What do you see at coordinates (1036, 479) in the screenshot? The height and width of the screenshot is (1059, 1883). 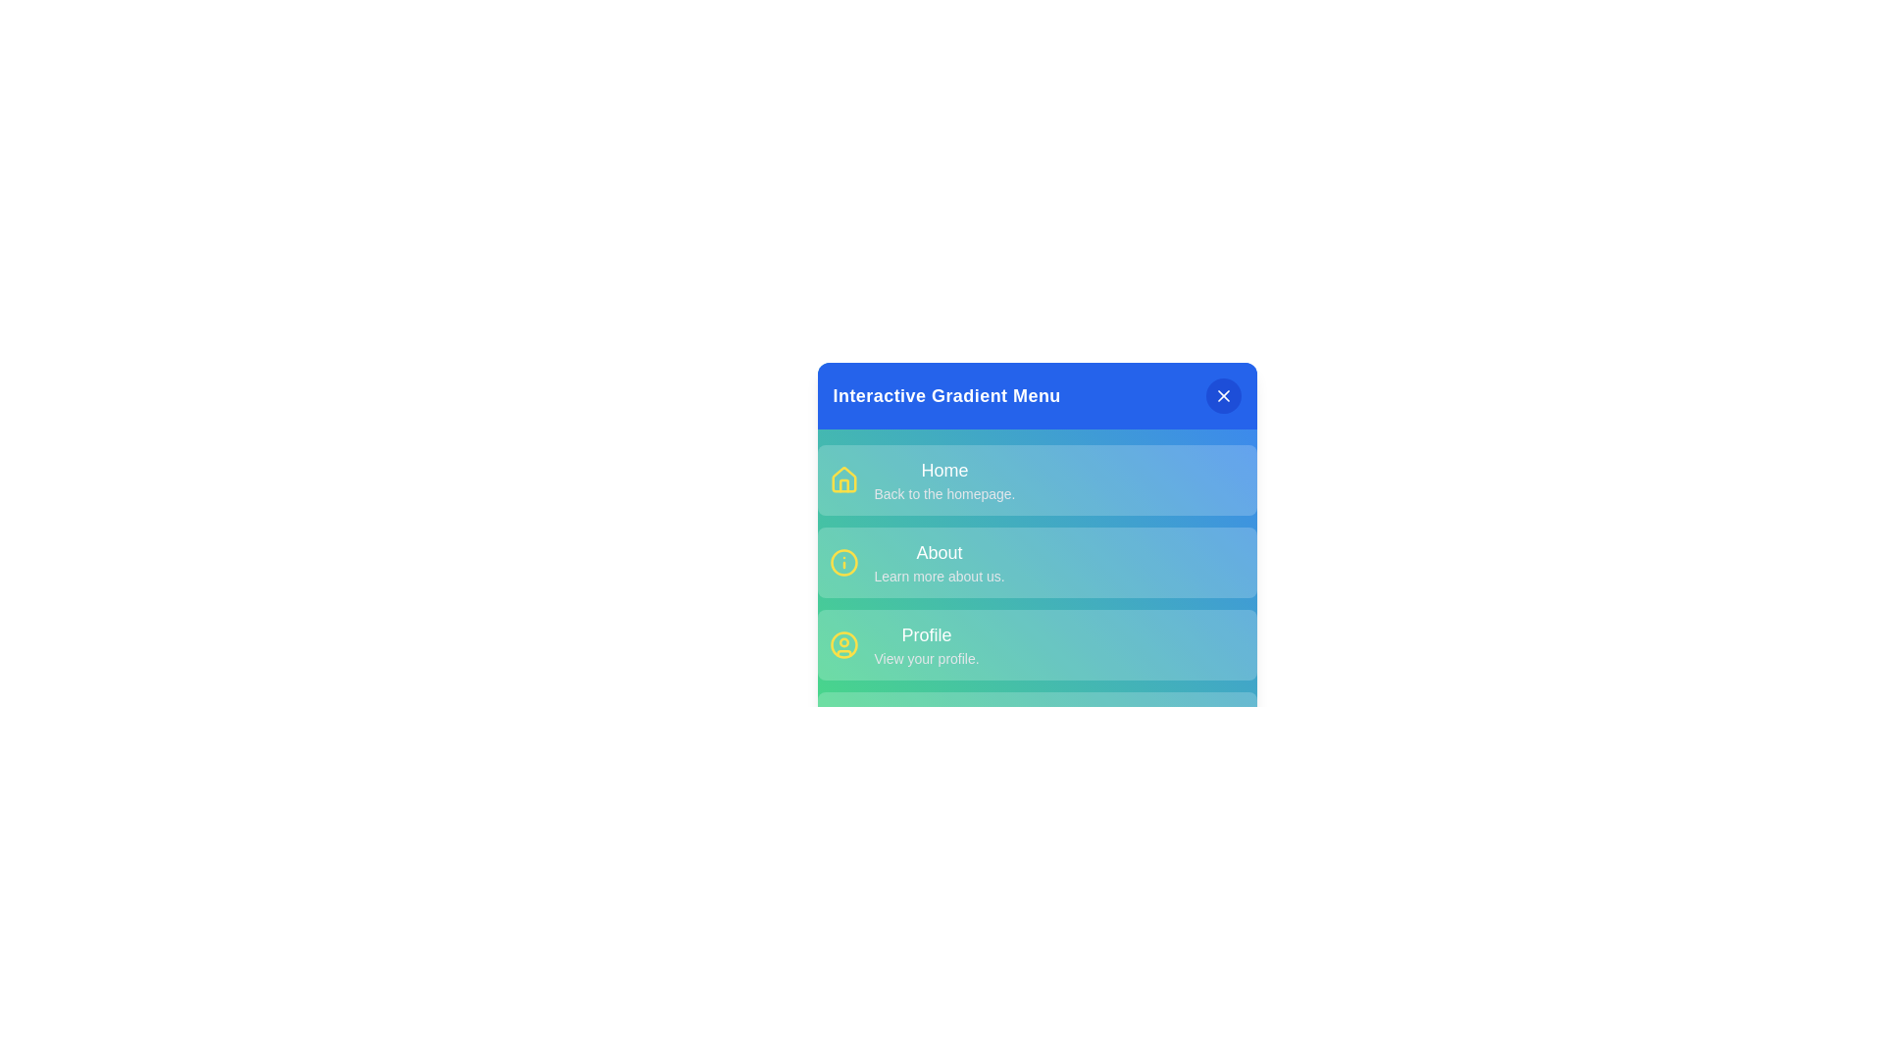 I see `the menu item corresponding to Home` at bounding box center [1036, 479].